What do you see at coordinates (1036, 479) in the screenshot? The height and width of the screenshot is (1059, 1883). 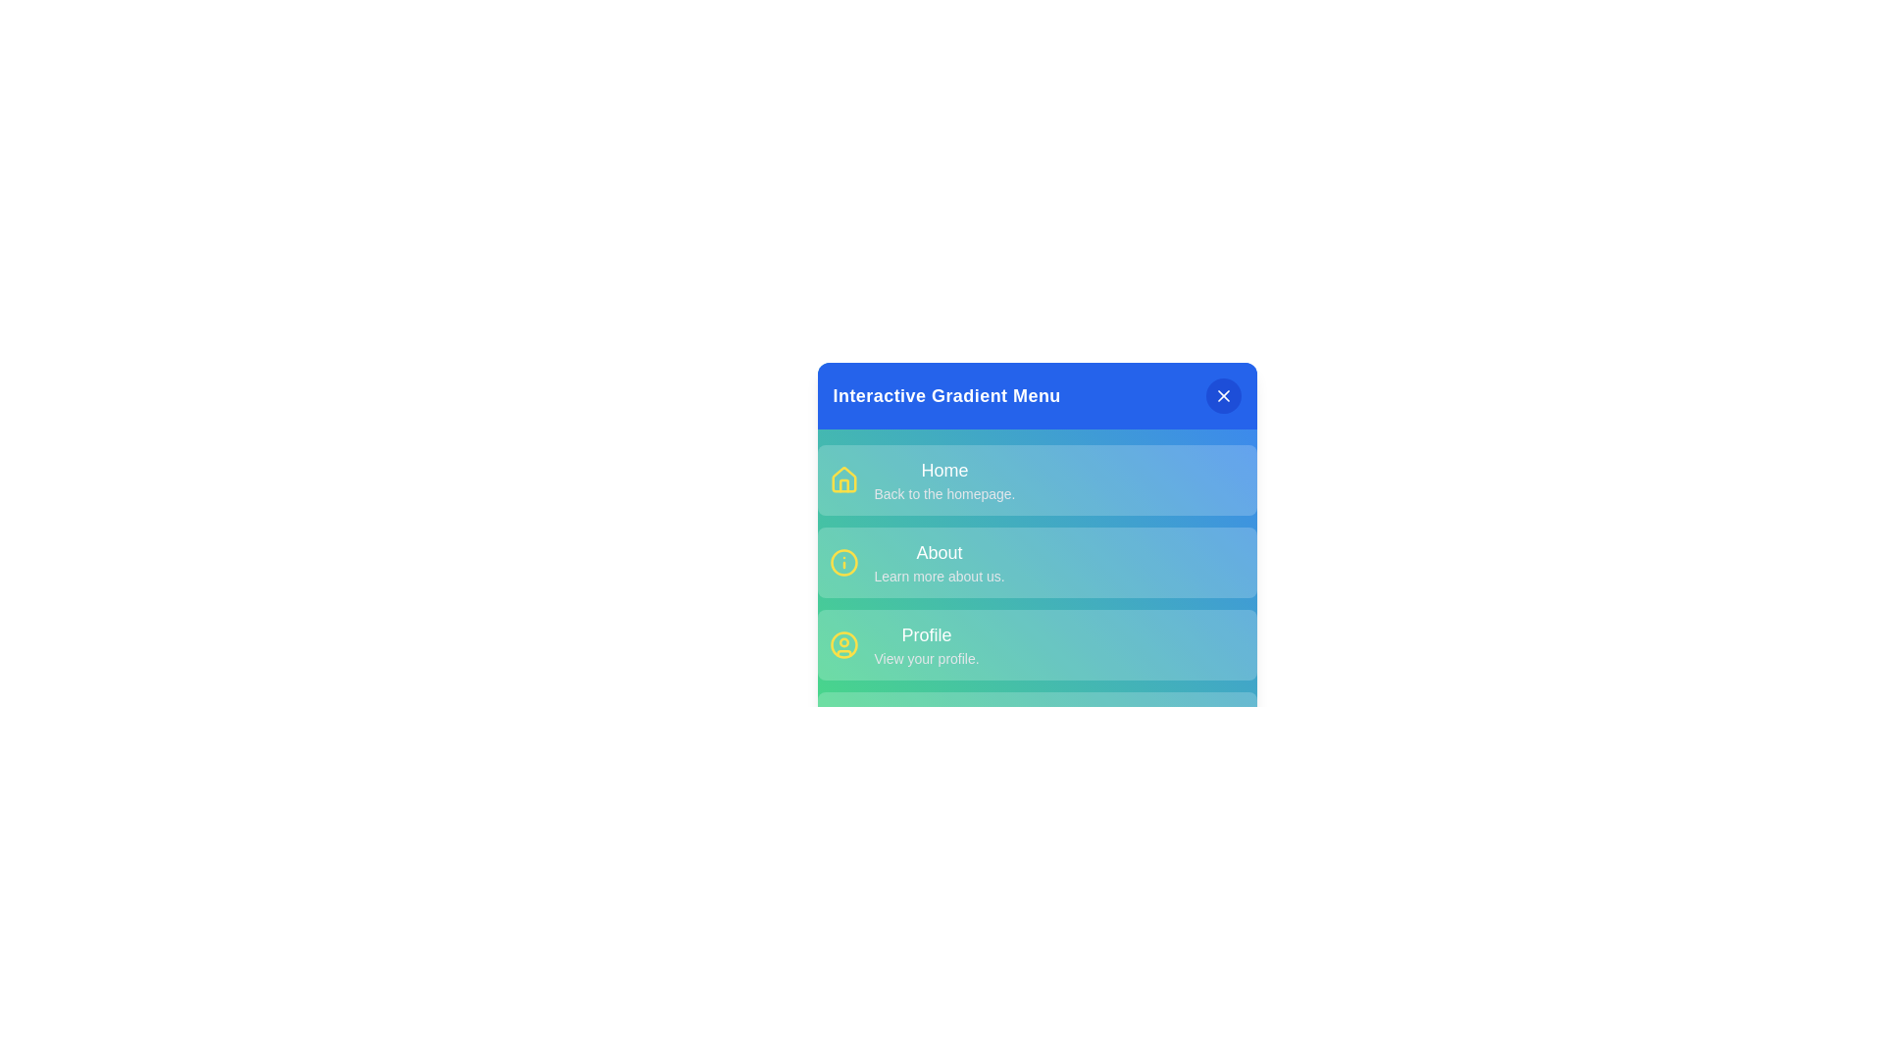 I see `the menu item corresponding to Home` at bounding box center [1036, 479].